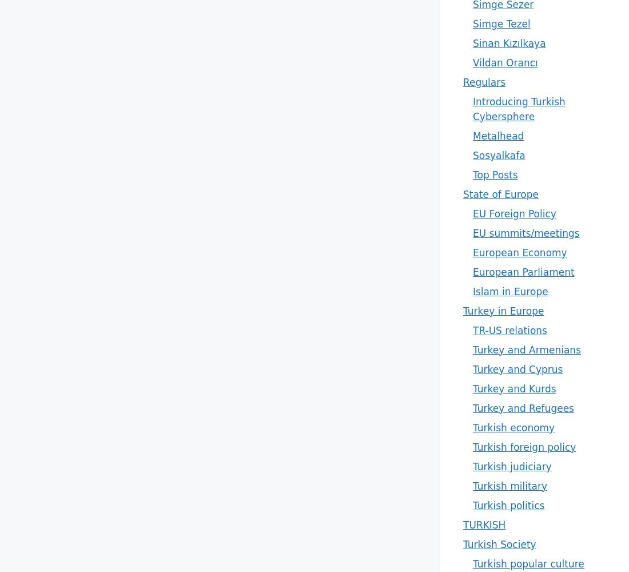 The image size is (629, 572). What do you see at coordinates (503, 311) in the screenshot?
I see `'Turkey in Europe'` at bounding box center [503, 311].